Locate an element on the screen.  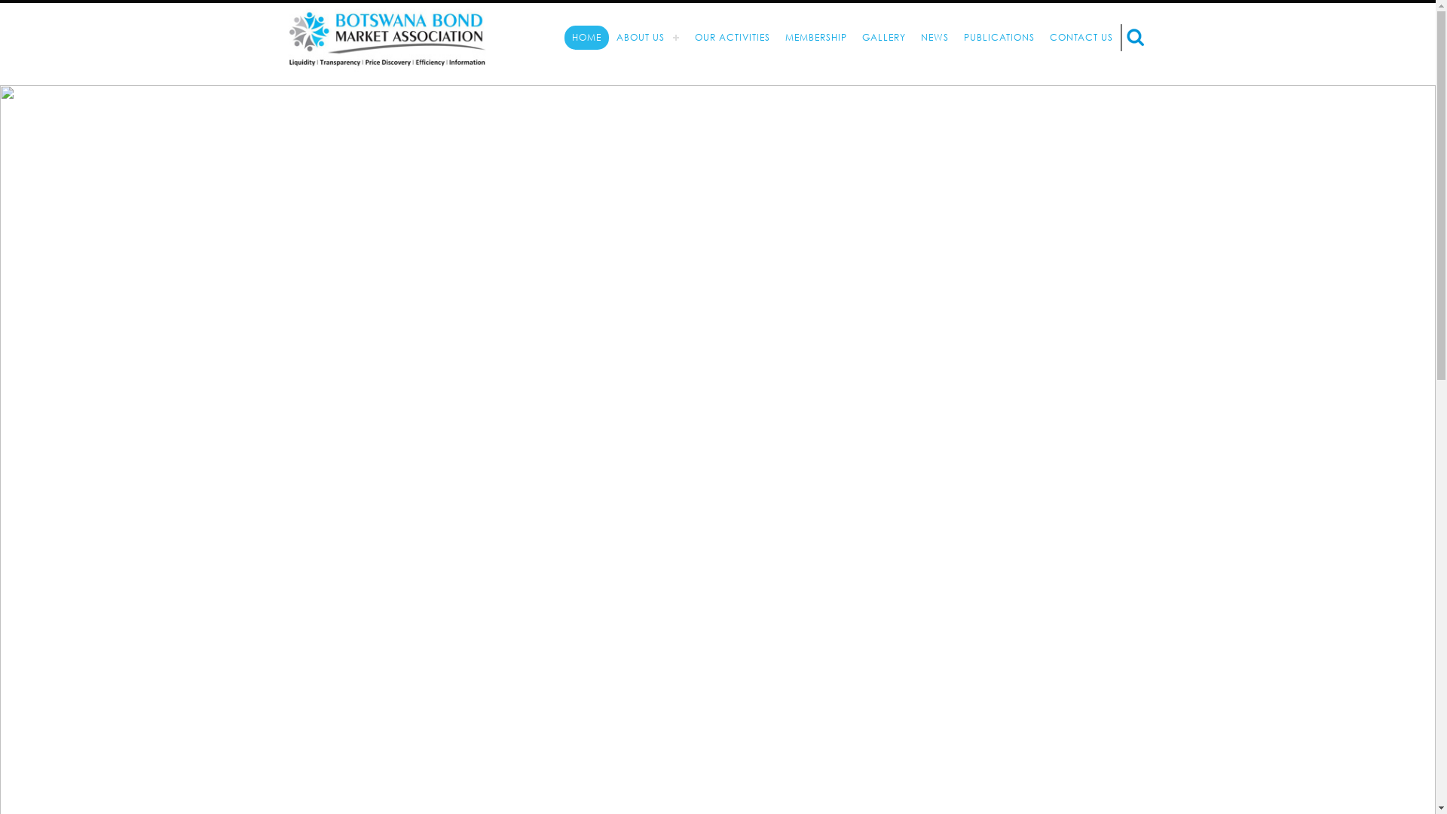
'GALLERY' is located at coordinates (883, 37).